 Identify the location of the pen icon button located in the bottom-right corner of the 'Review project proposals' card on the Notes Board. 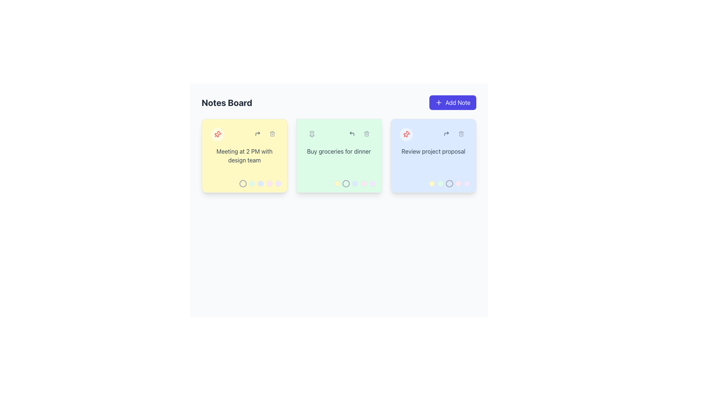
(464, 152).